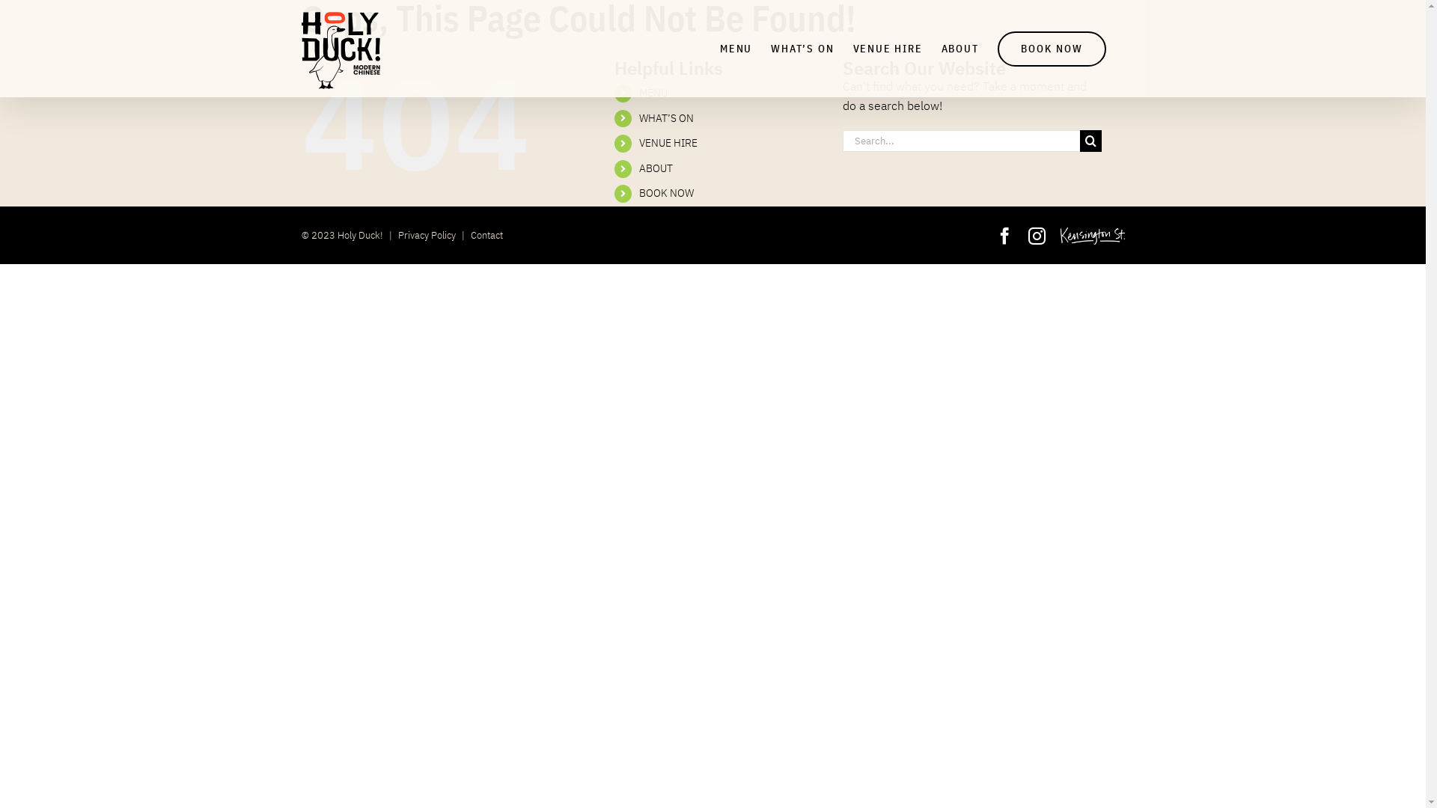 This screenshot has height=808, width=1437. I want to click on 'ABOUT', so click(656, 168).